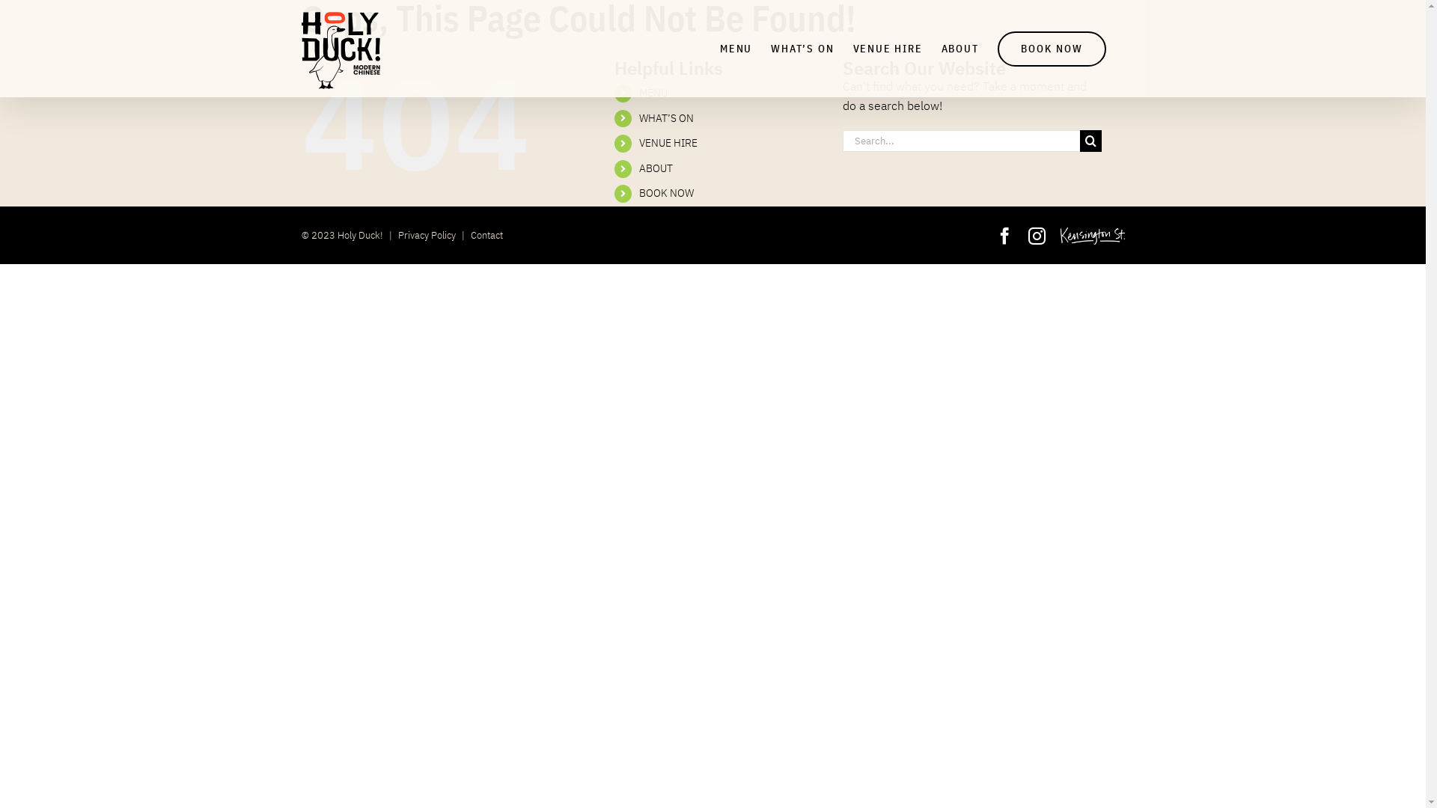 This screenshot has height=808, width=1437. I want to click on 'ABOUT', so click(656, 168).